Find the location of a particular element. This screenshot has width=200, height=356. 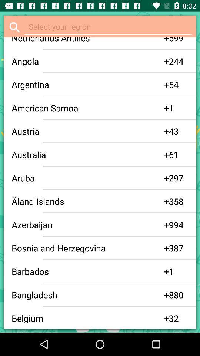

the app to the right of the austria is located at coordinates (166, 131).